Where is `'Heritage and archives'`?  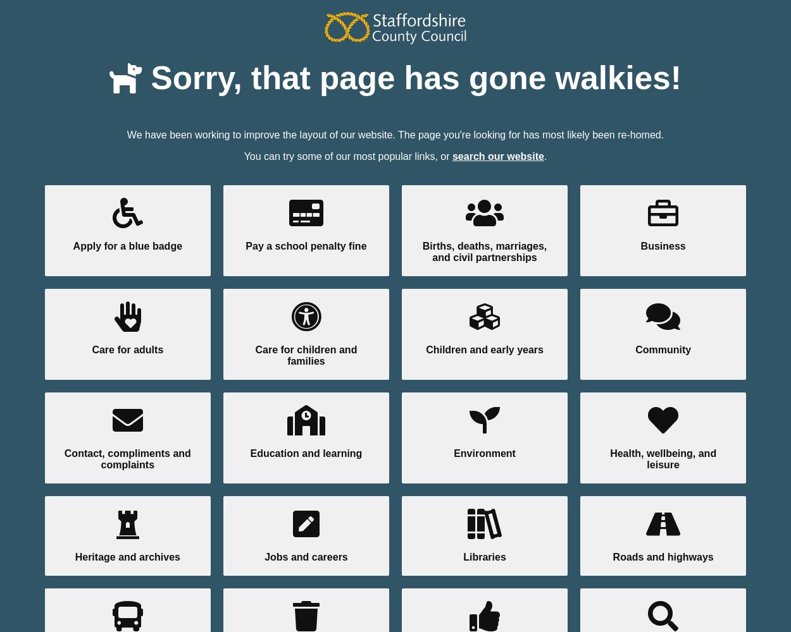 'Heritage and archives' is located at coordinates (127, 556).